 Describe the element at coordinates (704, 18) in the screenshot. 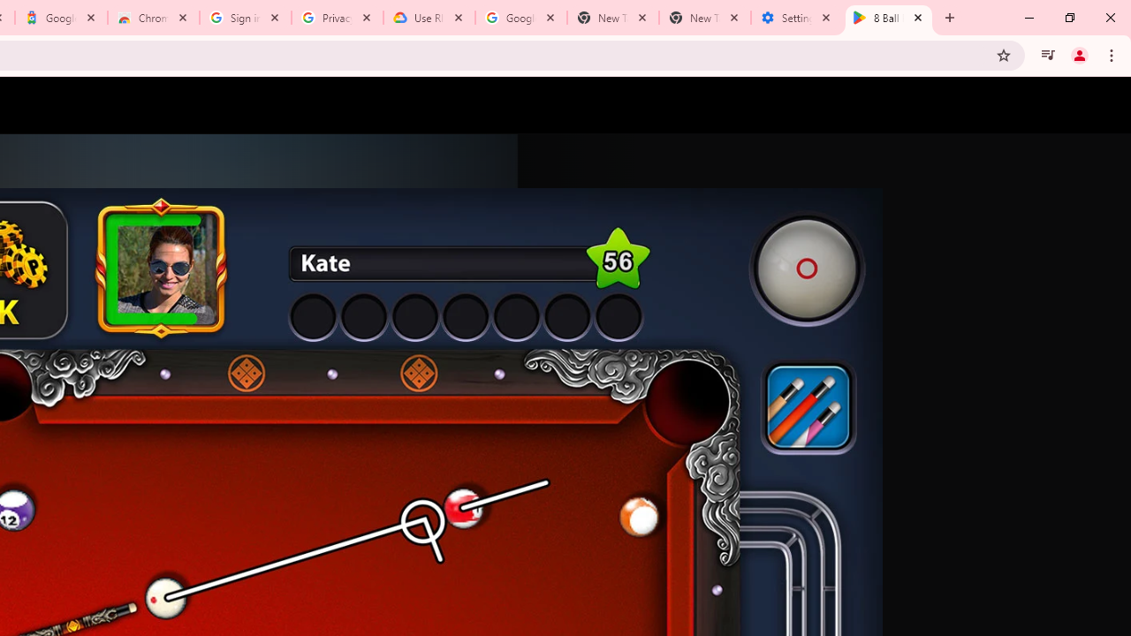

I see `'New Tab'` at that location.